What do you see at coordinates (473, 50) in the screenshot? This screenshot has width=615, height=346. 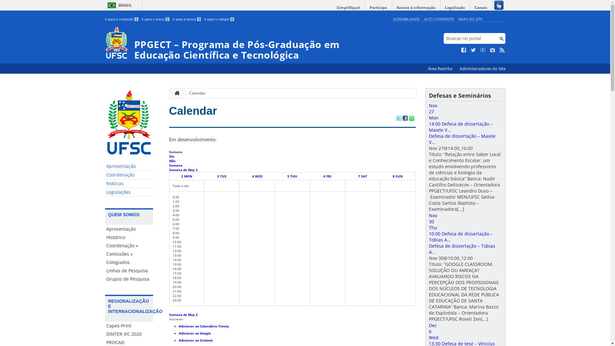 I see `'Siga no Twitter'` at bounding box center [473, 50].